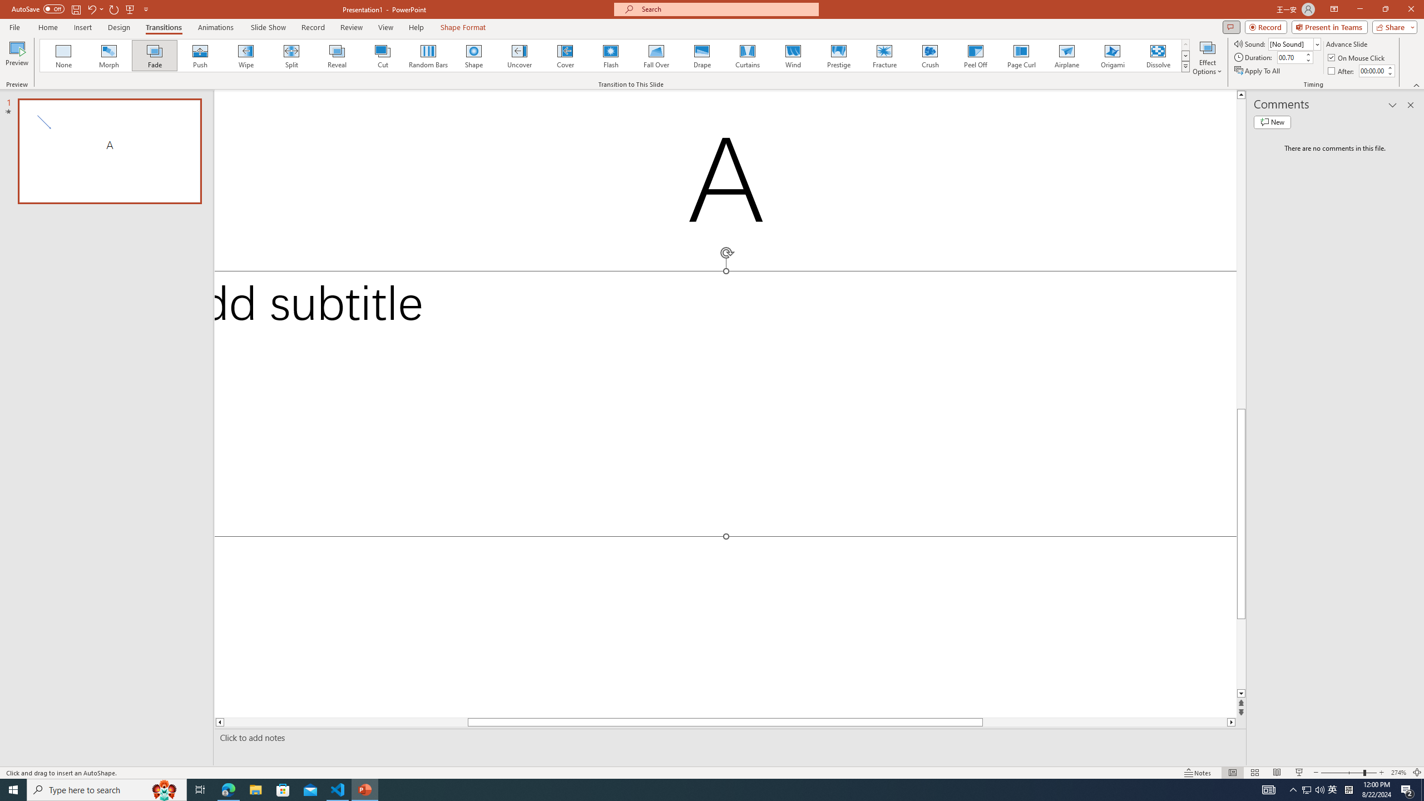 The height and width of the screenshot is (801, 1424). What do you see at coordinates (245, 55) in the screenshot?
I see `'Wipe'` at bounding box center [245, 55].